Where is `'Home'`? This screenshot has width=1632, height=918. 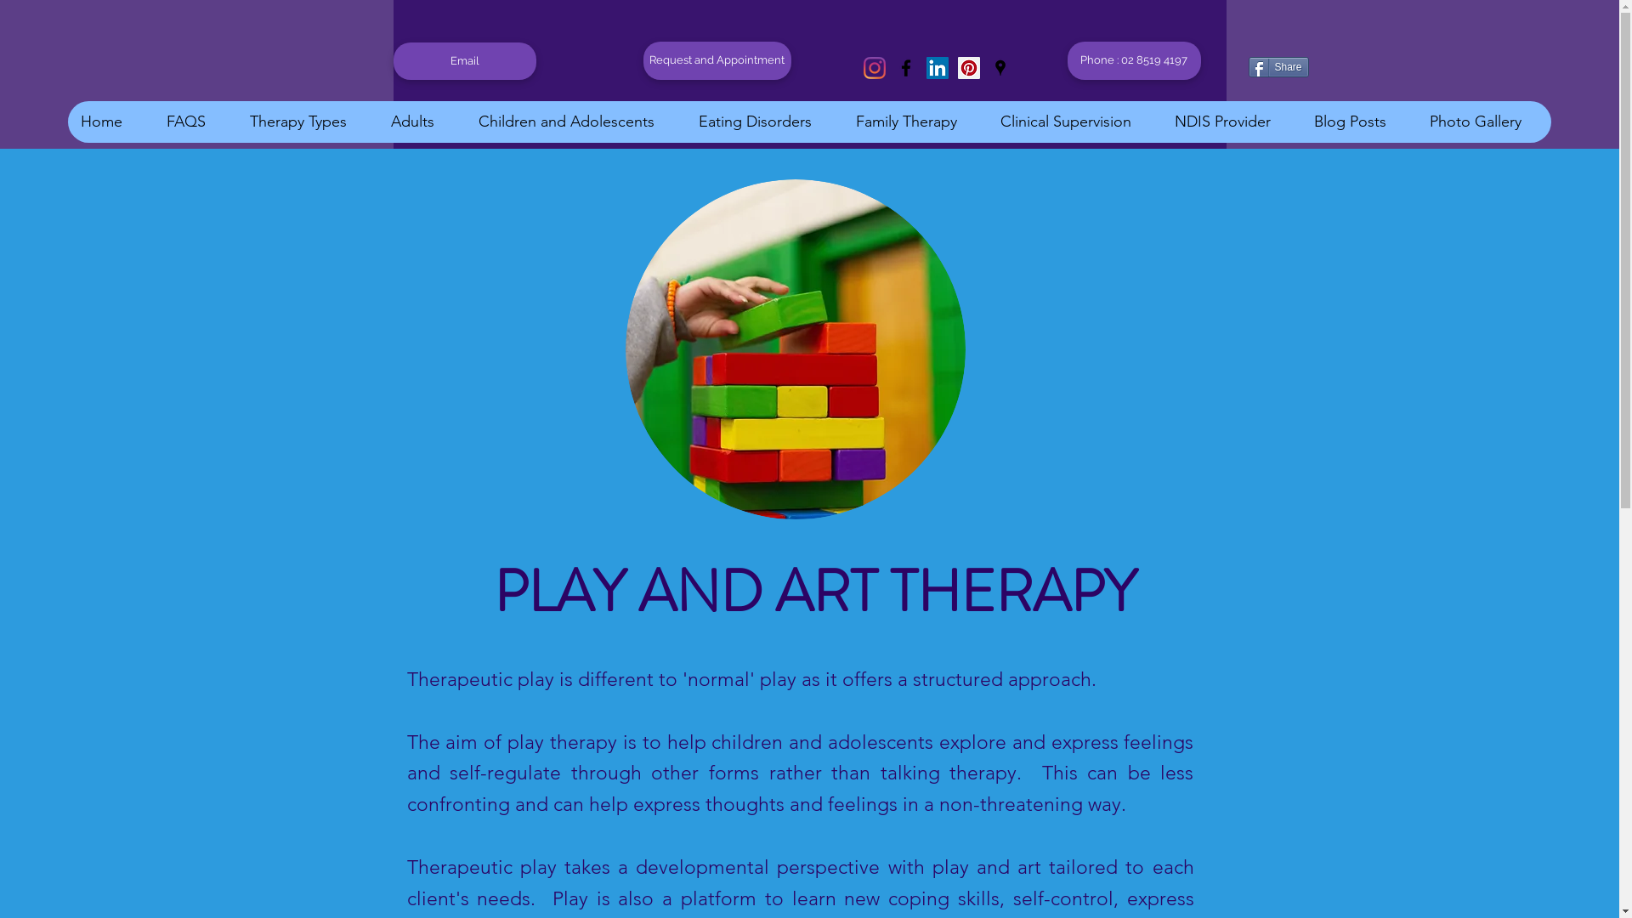
'Home' is located at coordinates (109, 121).